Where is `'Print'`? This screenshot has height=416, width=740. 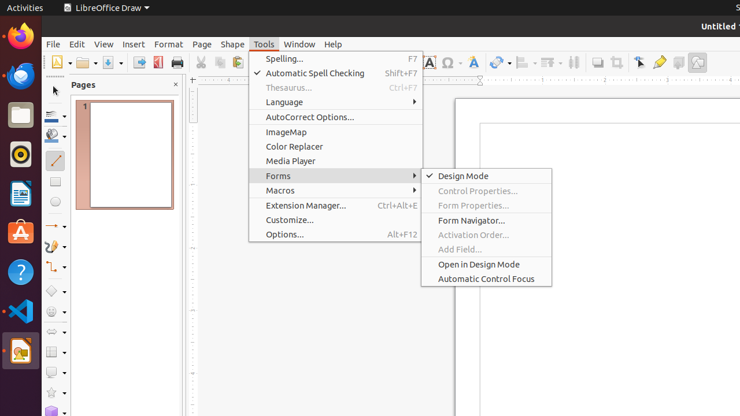 'Print' is located at coordinates (176, 62).